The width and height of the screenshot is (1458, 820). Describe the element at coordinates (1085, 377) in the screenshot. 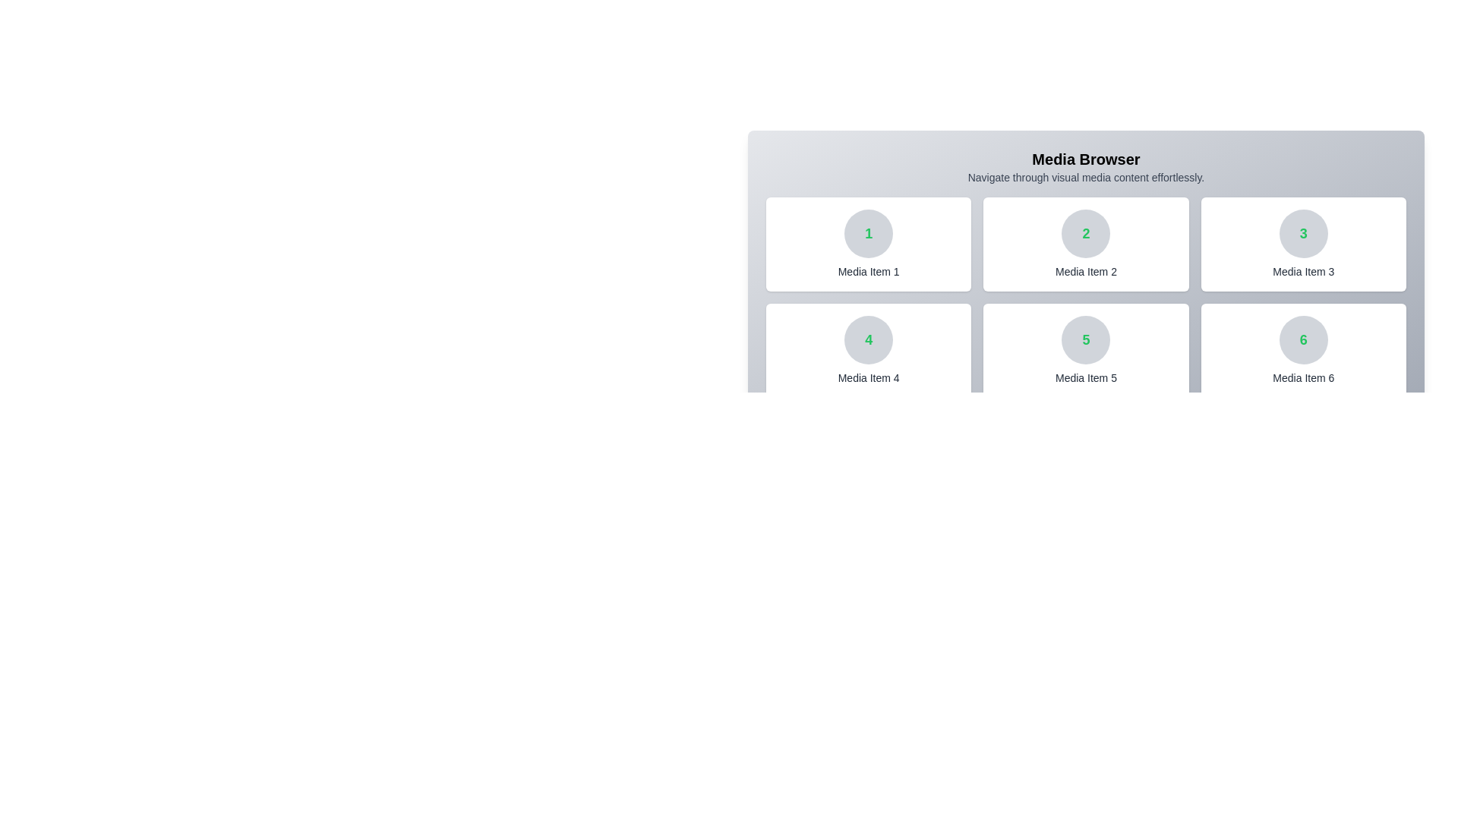

I see `the text label displaying 'Media Item 5', which is located below the circular area representing the fifth media item in the grid layout` at that location.